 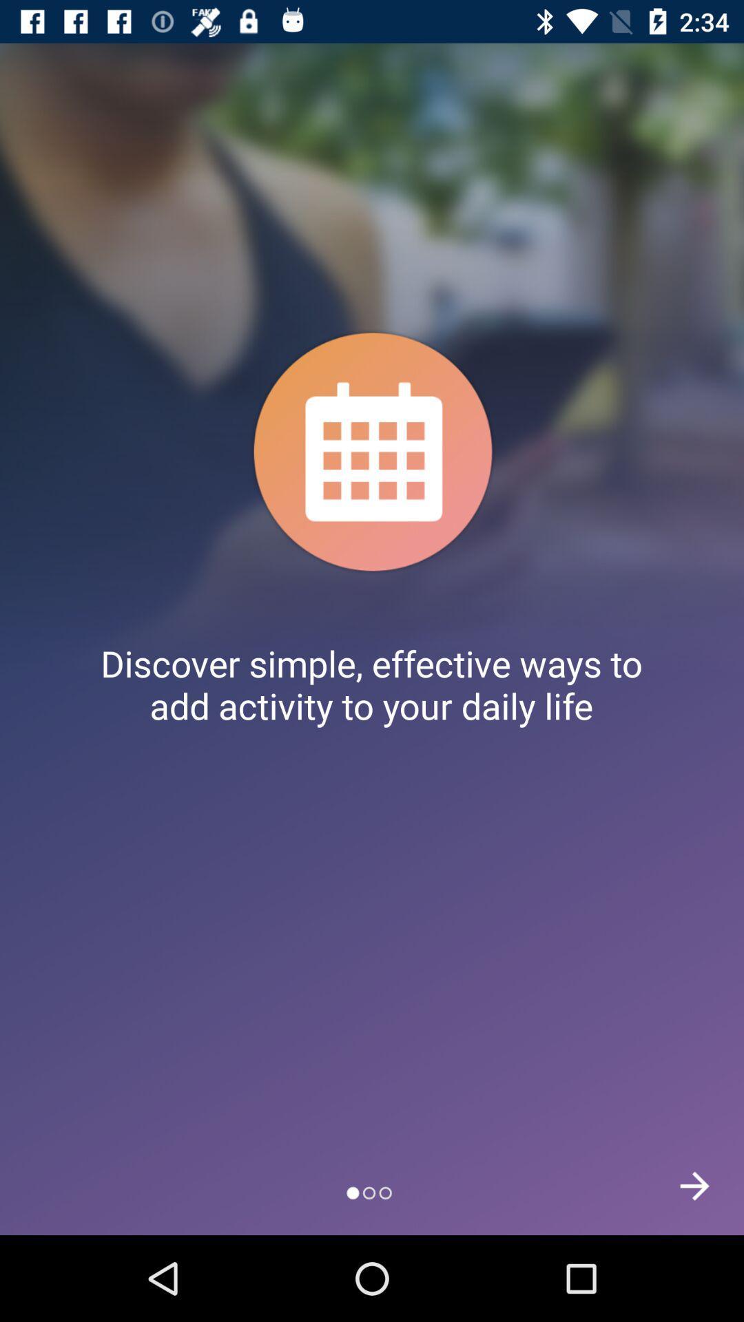 What do you see at coordinates (694, 1185) in the screenshot?
I see `the arrow_forward icon` at bounding box center [694, 1185].